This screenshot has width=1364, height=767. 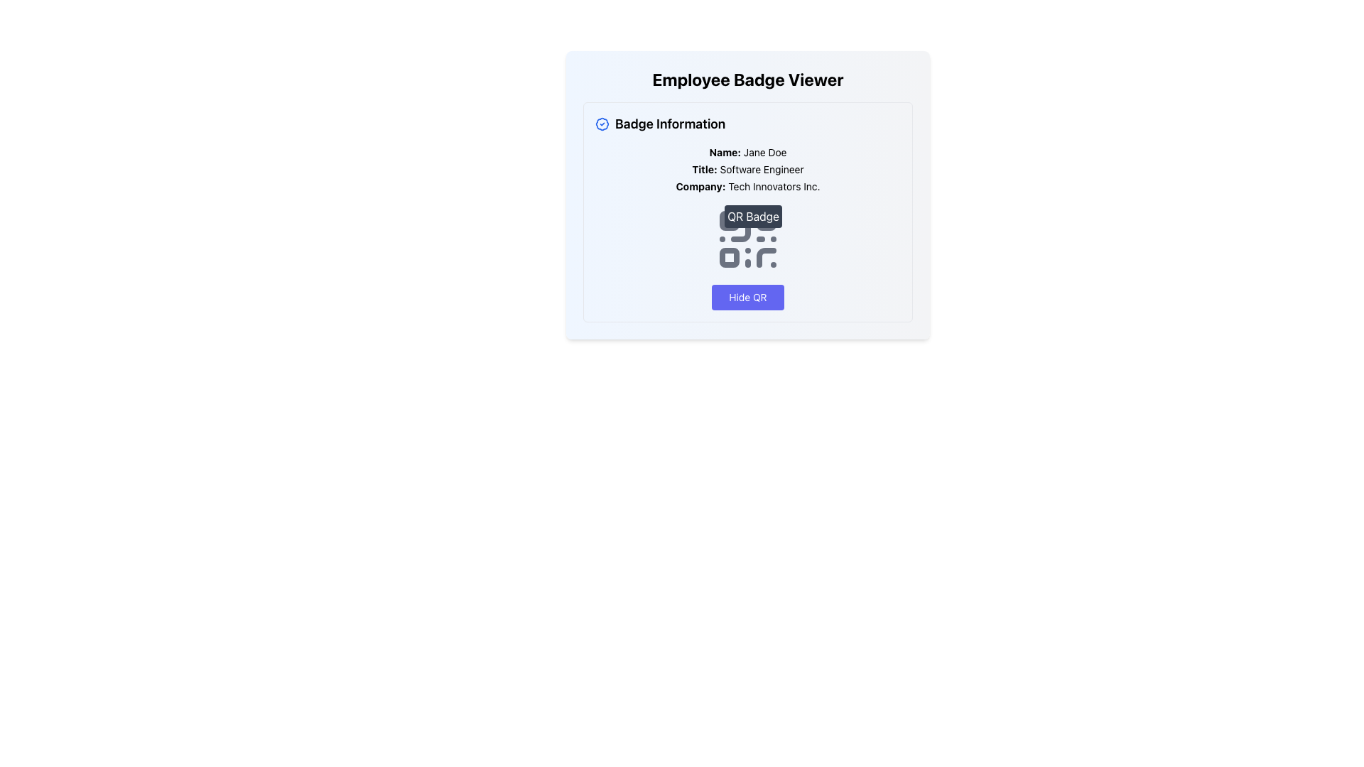 What do you see at coordinates (602, 123) in the screenshot?
I see `the circular blue icon featuring a checkmark in the 'Badge Information' section located at the top-left corner` at bounding box center [602, 123].